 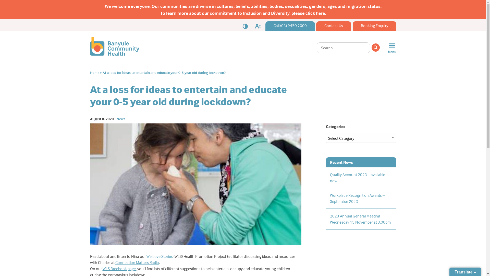 I want to click on 'Connection Matters Radio', so click(x=137, y=262).